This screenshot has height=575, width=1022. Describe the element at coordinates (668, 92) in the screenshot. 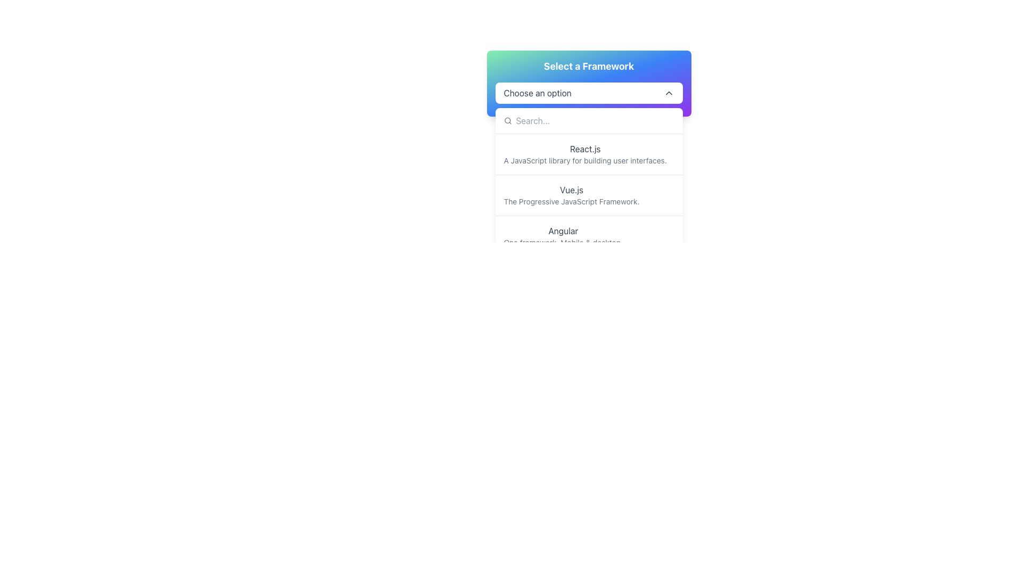

I see `the downward-facing chevron icon` at that location.